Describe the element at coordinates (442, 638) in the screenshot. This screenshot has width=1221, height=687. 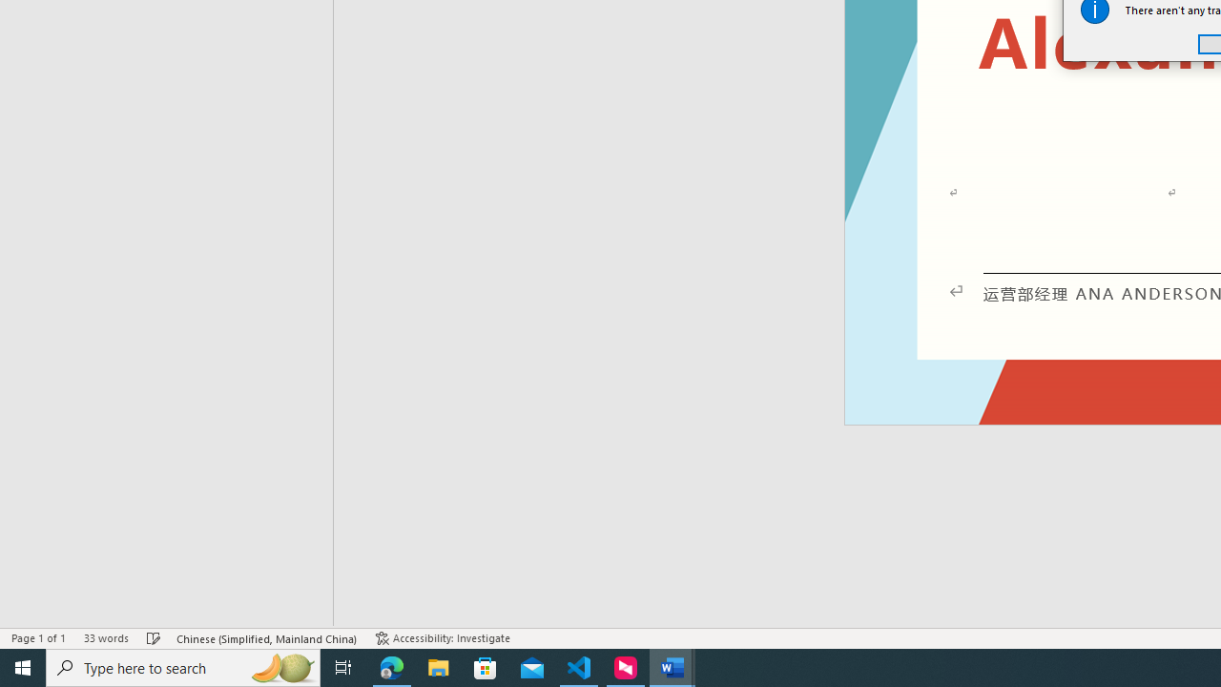
I see `'Accessibility Checker Accessibility: Investigate'` at that location.